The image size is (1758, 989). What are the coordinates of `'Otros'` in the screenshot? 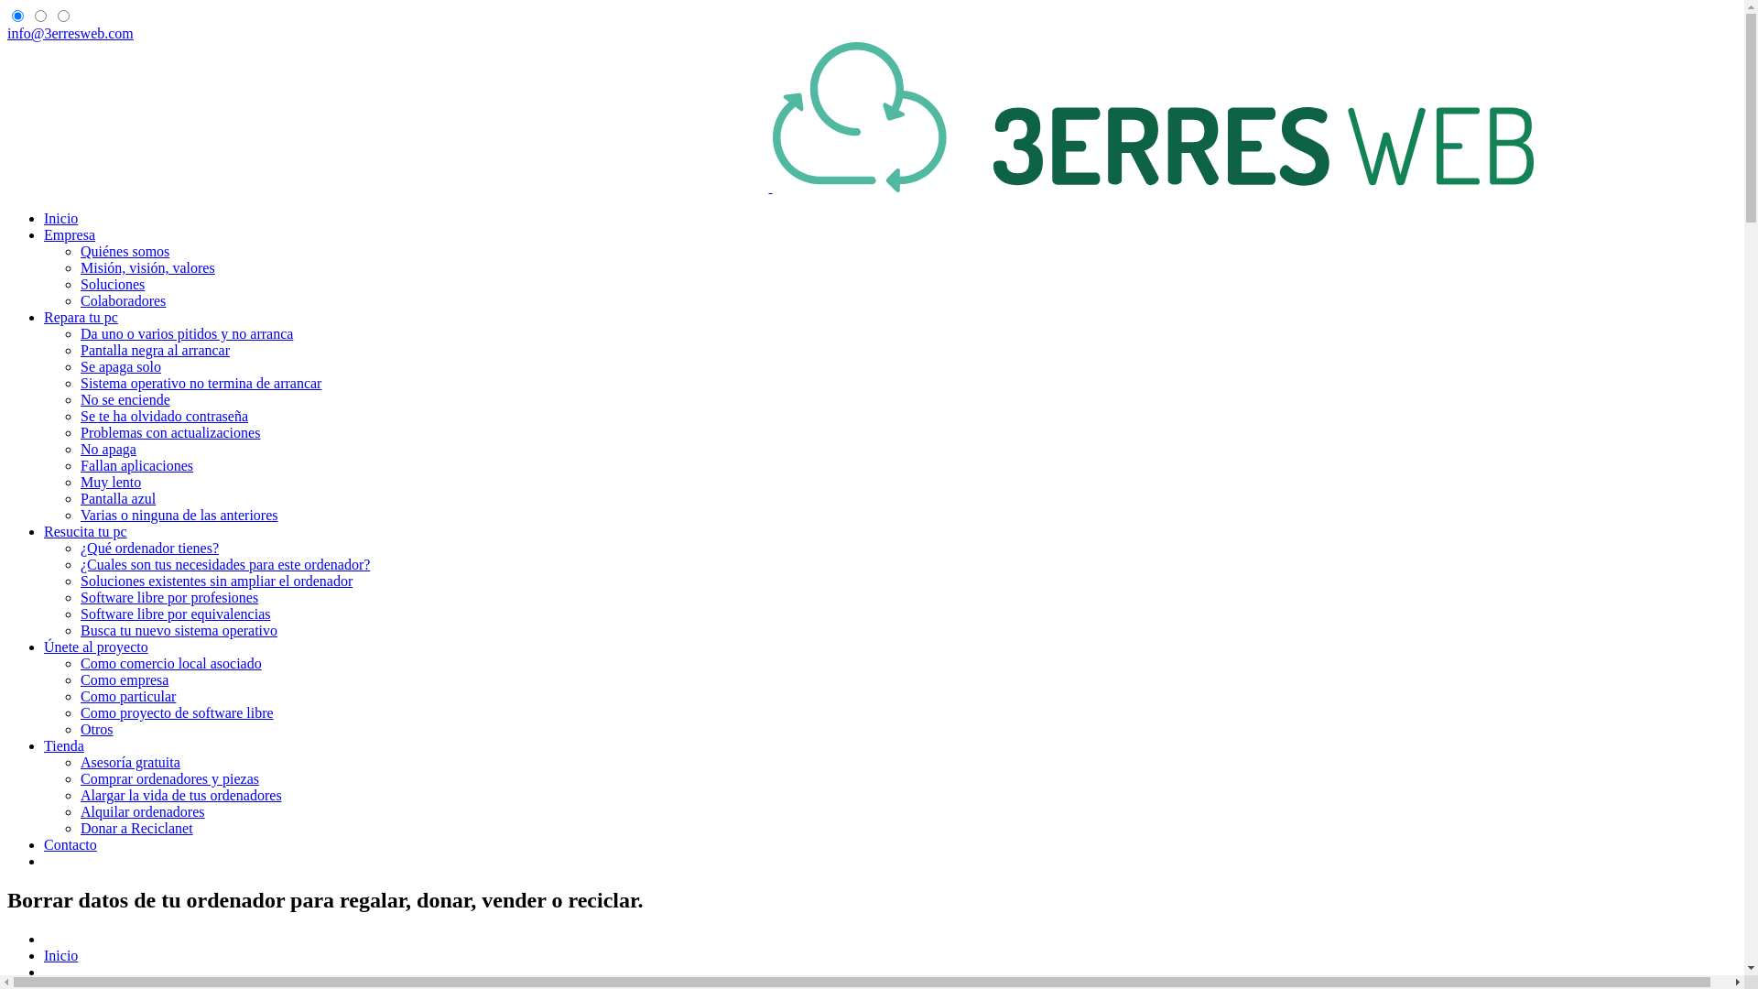 It's located at (95, 728).